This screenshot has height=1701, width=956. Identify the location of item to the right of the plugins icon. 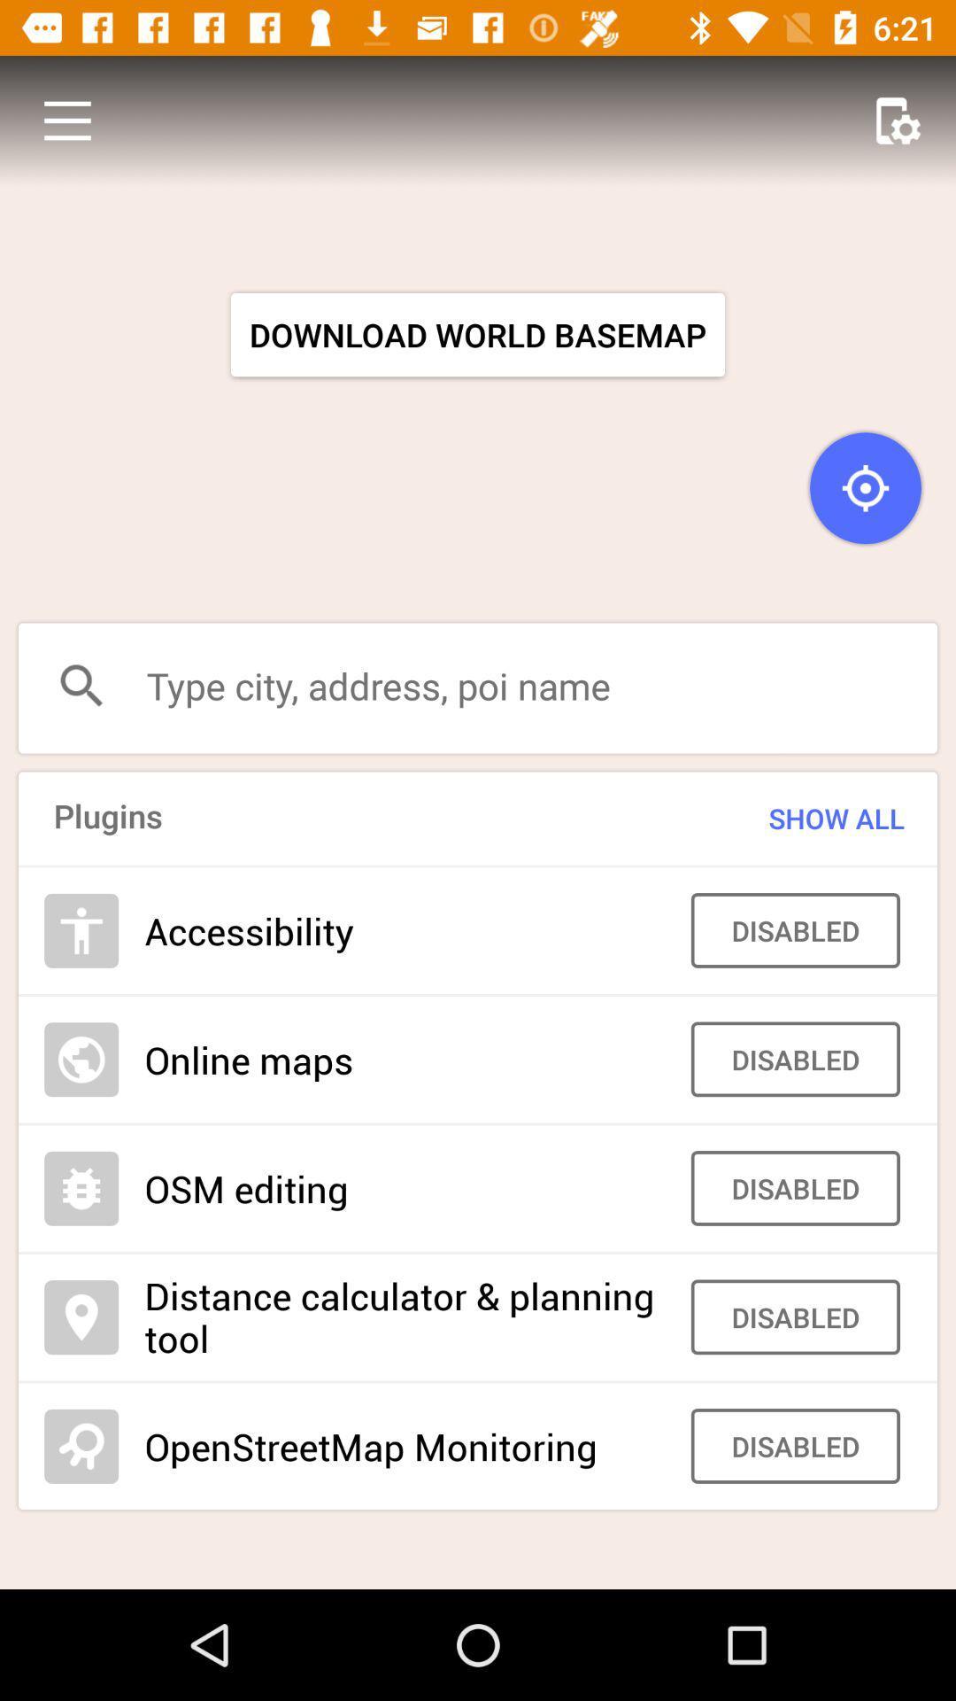
(802, 818).